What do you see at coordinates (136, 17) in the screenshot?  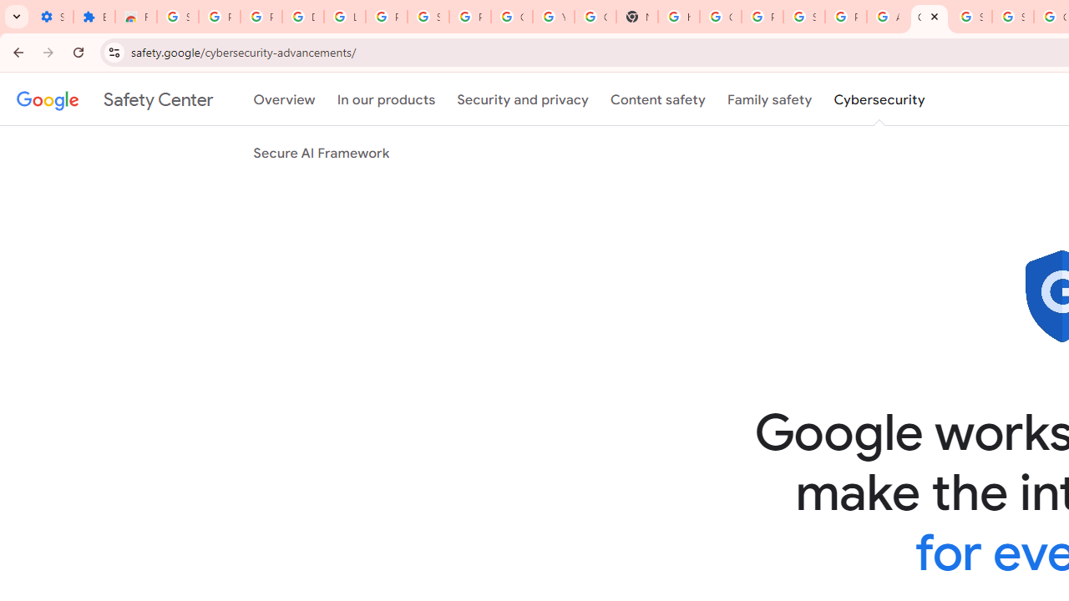 I see `'Reviews: Helix Fruit Jump Arcade Game'` at bounding box center [136, 17].